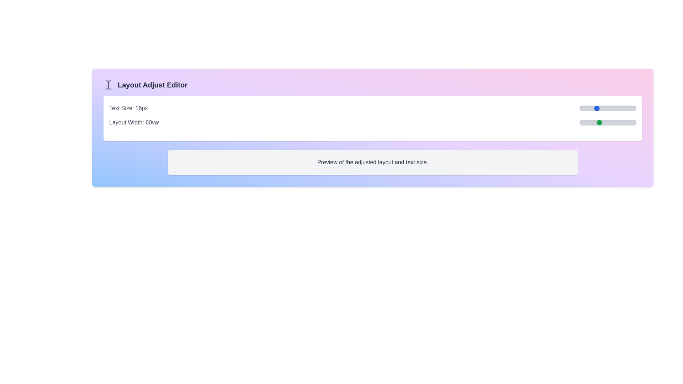  Describe the element at coordinates (627, 122) in the screenshot. I see `the layout width` at that location.